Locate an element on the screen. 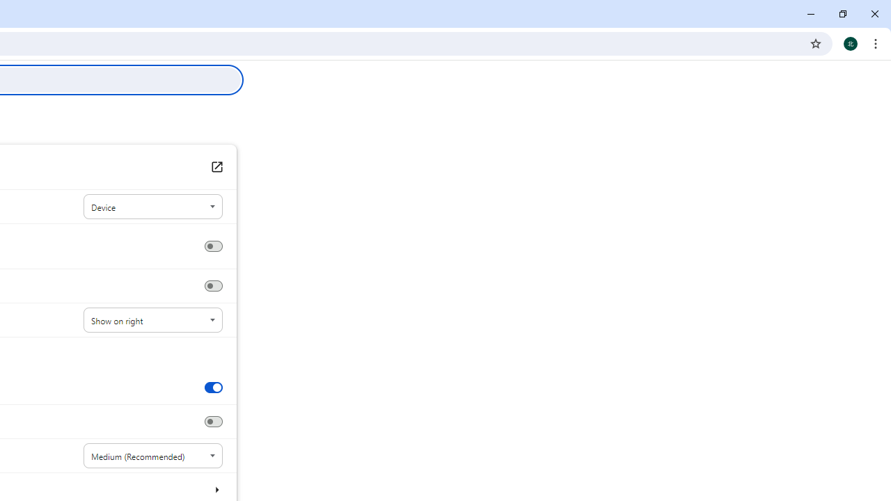 Image resolution: width=891 pixels, height=501 pixels. 'Show tab preview images' is located at coordinates (212, 388).